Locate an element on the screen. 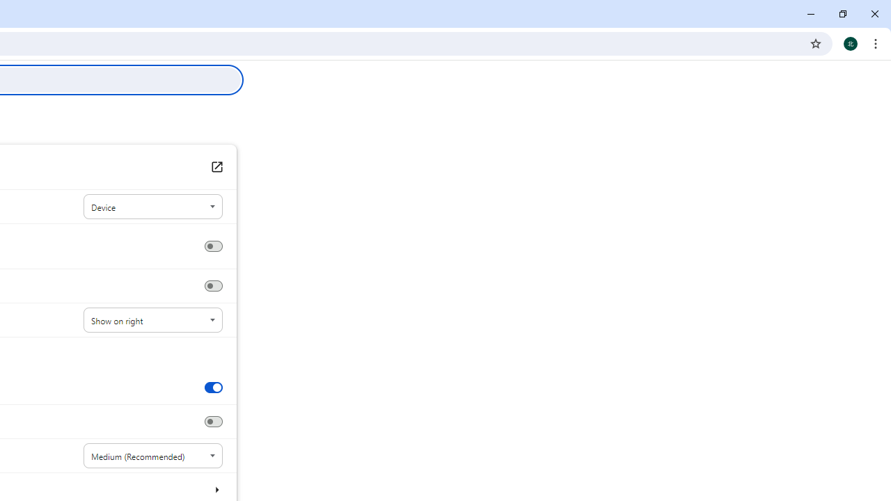 Image resolution: width=891 pixels, height=501 pixels. 'Show tab preview images' is located at coordinates (212, 388).